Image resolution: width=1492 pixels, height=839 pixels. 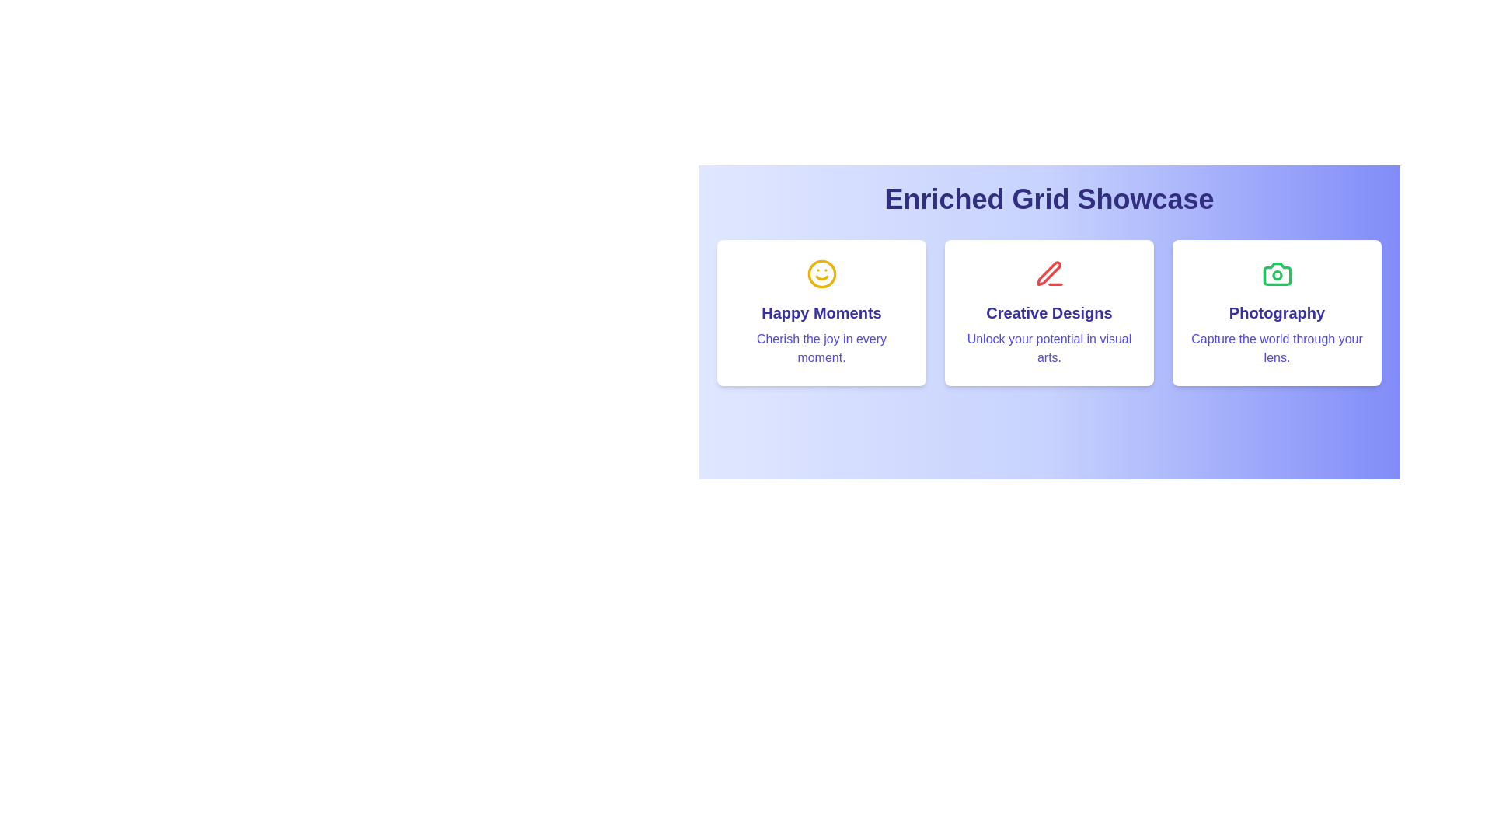 I want to click on informational card introducing the topic 'Creative Designs' located in the middle column of a three-column grid layout, positioned between 'Happy Moments' and 'Photography' cards, so click(x=1049, y=312).